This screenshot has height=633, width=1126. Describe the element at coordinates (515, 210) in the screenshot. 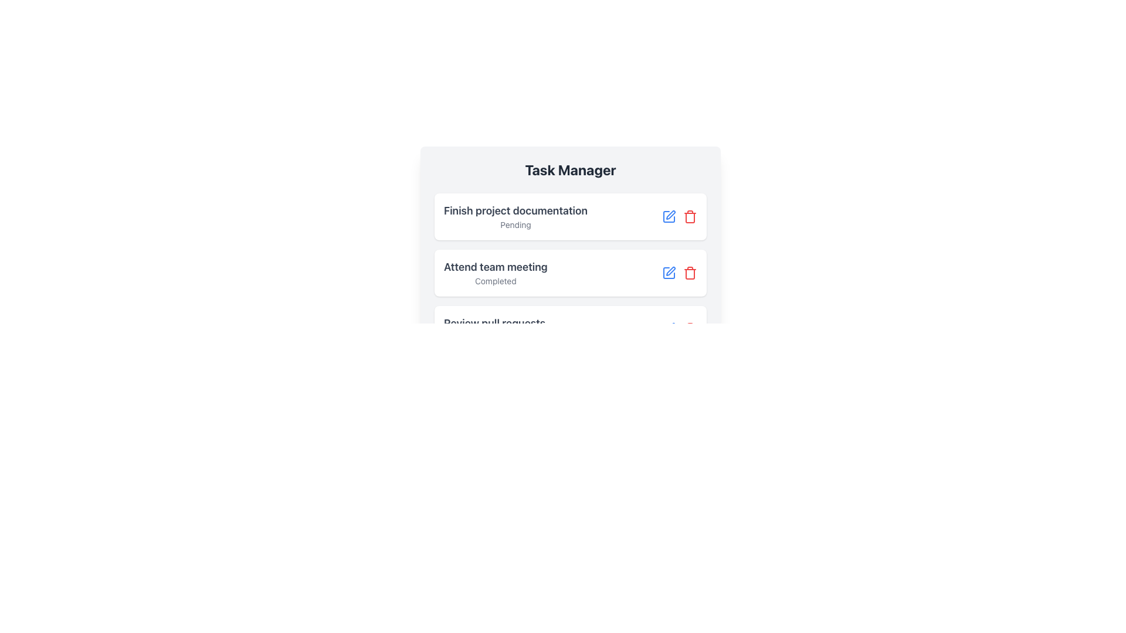

I see `the text label that reads 'Finish project documentation', styled with a larger font size and bold weight, located in the topmost card of the task list under 'Task Manager'` at that location.